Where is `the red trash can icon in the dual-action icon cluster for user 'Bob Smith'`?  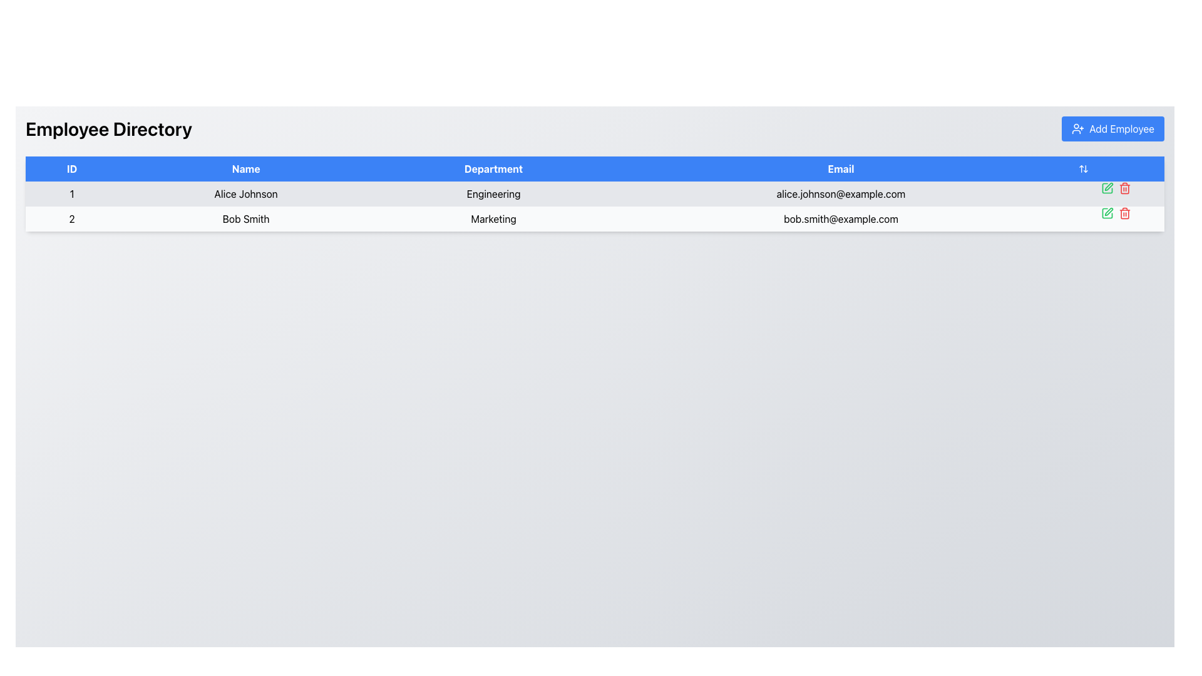
the red trash can icon in the dual-action icon cluster for user 'Bob Smith' is located at coordinates (1116, 212).